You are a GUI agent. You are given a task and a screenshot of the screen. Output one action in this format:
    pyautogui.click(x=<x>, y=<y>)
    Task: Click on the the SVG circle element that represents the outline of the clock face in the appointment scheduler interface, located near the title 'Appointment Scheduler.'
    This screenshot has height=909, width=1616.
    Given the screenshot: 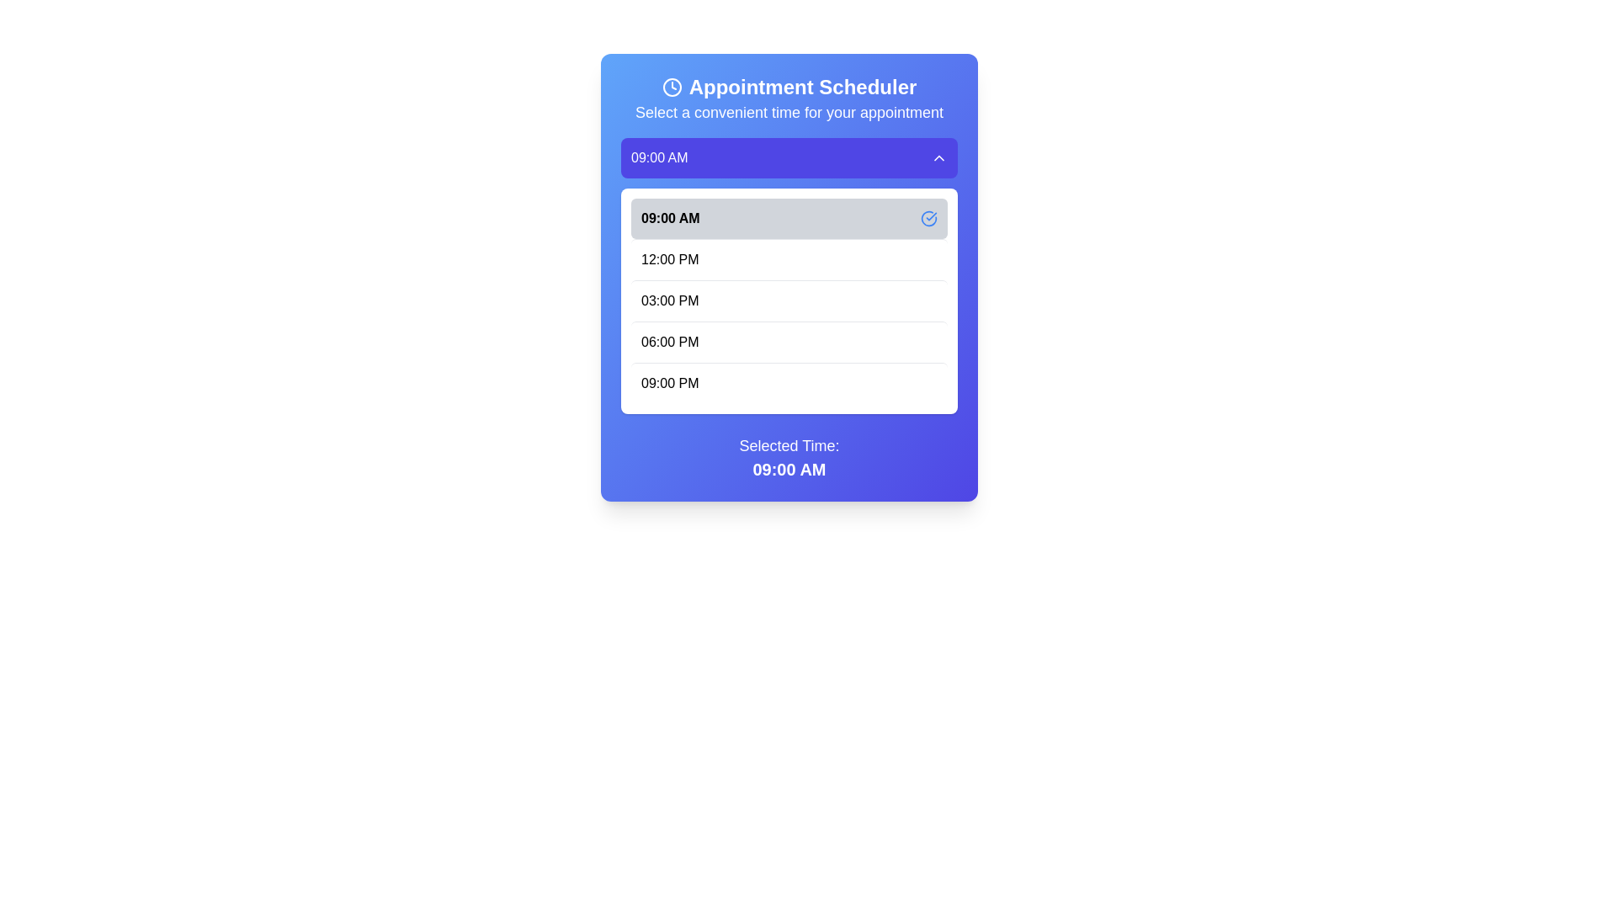 What is the action you would take?
    pyautogui.click(x=671, y=88)
    